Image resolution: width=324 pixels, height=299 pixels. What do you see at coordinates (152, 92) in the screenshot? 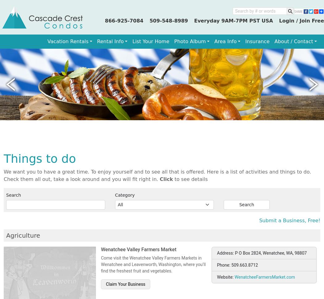
I see `'Central Washington Helicopter is based in Wenatchee, WA and specializes in the Aerial application of agricultural pesticides, herbicides and fertilizers.'` at bounding box center [152, 92].